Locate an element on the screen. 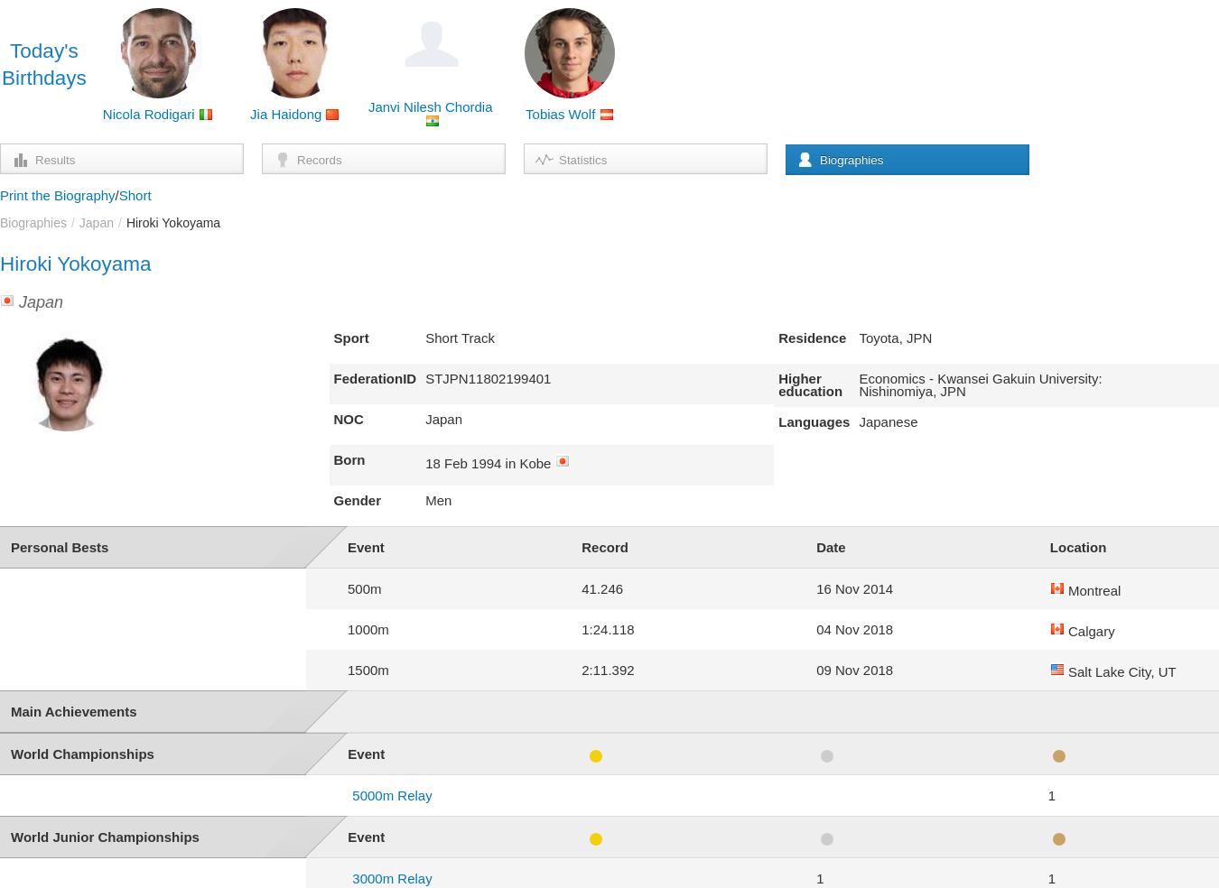 Image resolution: width=1219 pixels, height=888 pixels. 'Economics - Kwansei Gakuin University: Nishinomiya, JPN' is located at coordinates (980, 384).